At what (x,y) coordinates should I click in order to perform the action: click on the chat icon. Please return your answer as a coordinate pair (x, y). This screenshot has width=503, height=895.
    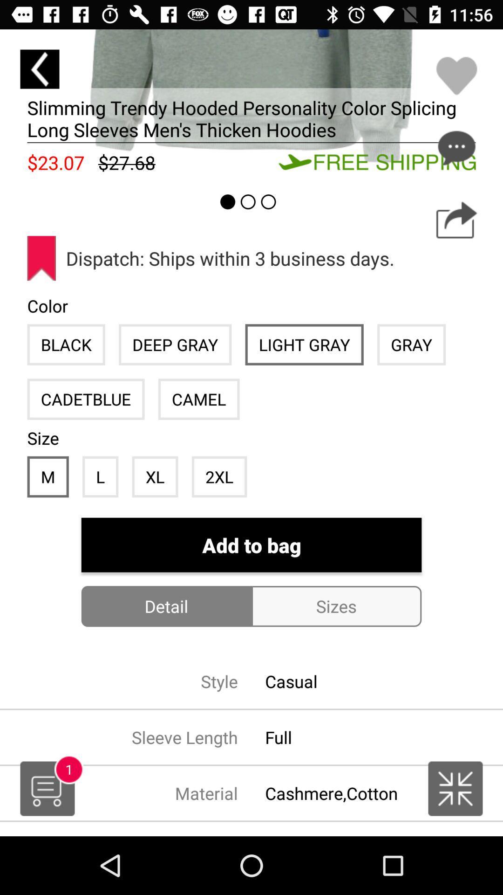
    Looking at the image, I should click on (456, 147).